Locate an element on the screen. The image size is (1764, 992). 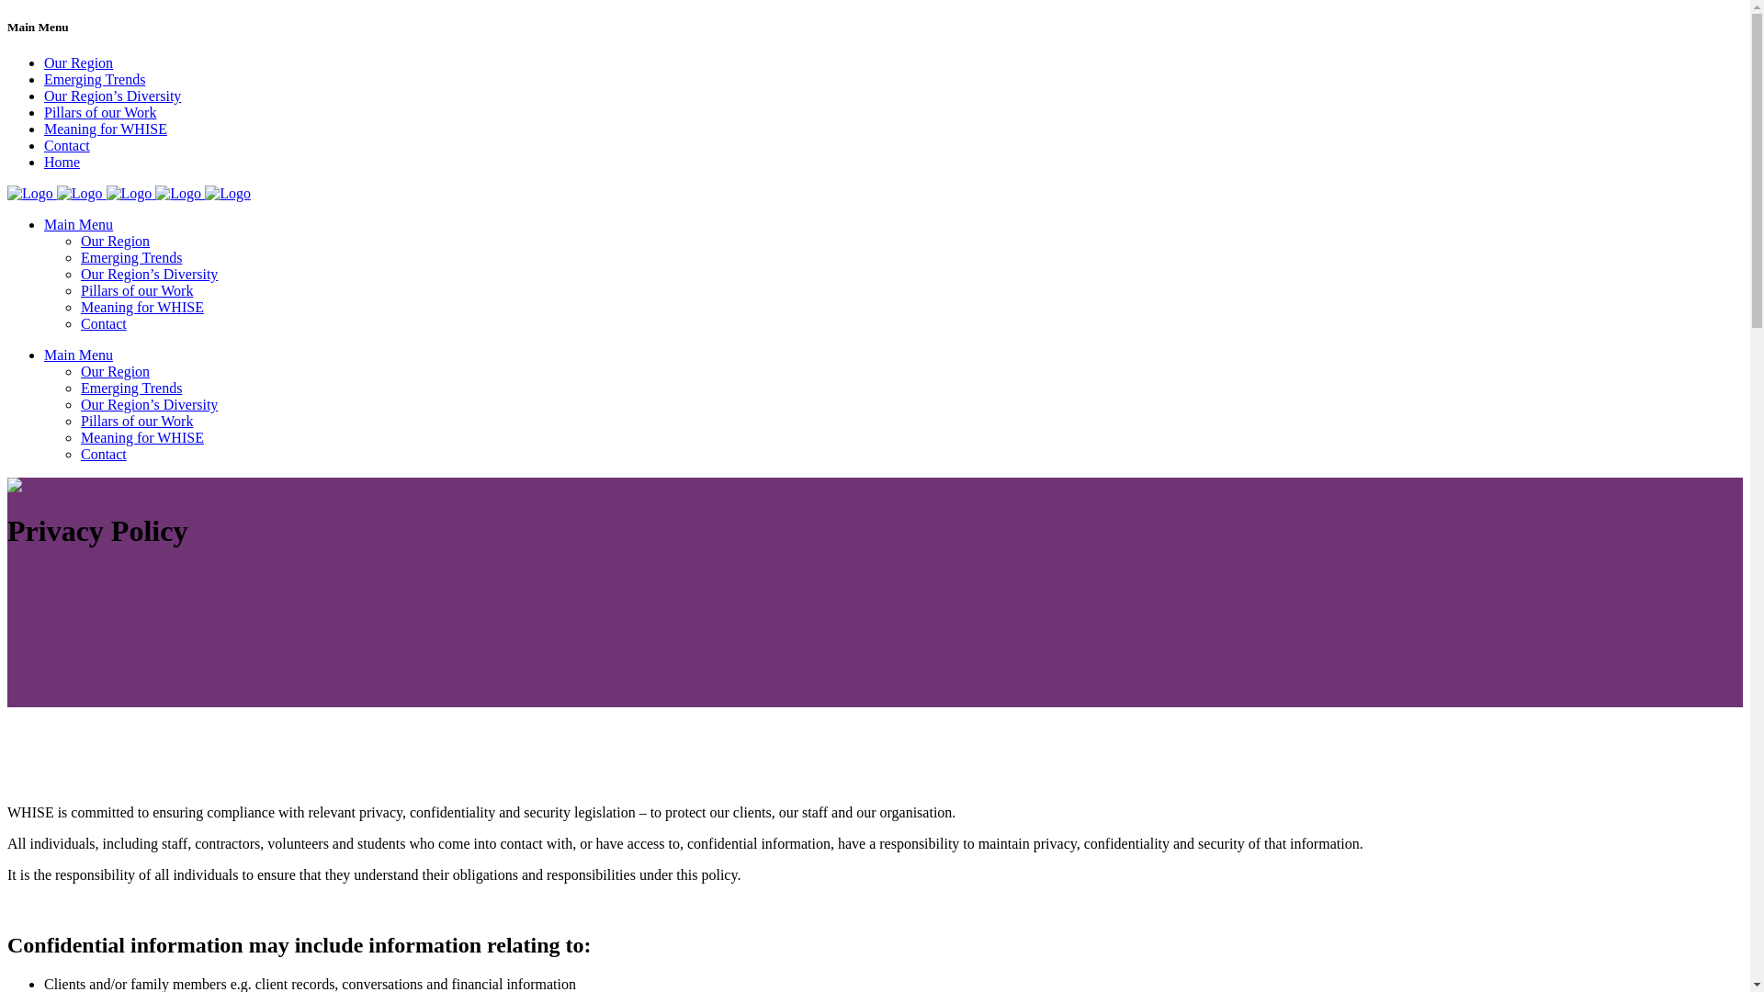
'Meaning for WHISE' is located at coordinates (79, 437).